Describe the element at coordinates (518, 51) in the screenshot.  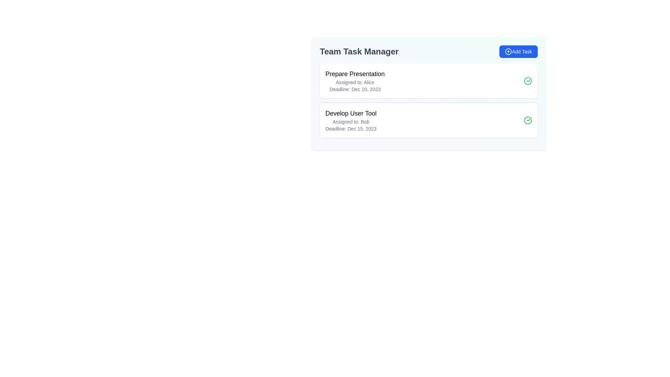
I see `the 'Add Task' button to add a new task` at that location.